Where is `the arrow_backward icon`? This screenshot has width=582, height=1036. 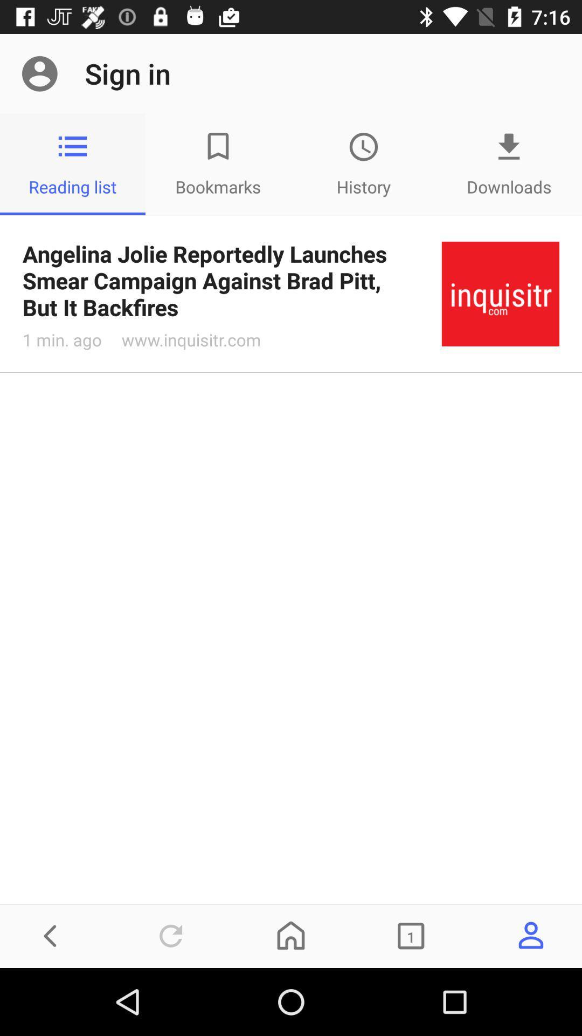 the arrow_backward icon is located at coordinates (51, 935).